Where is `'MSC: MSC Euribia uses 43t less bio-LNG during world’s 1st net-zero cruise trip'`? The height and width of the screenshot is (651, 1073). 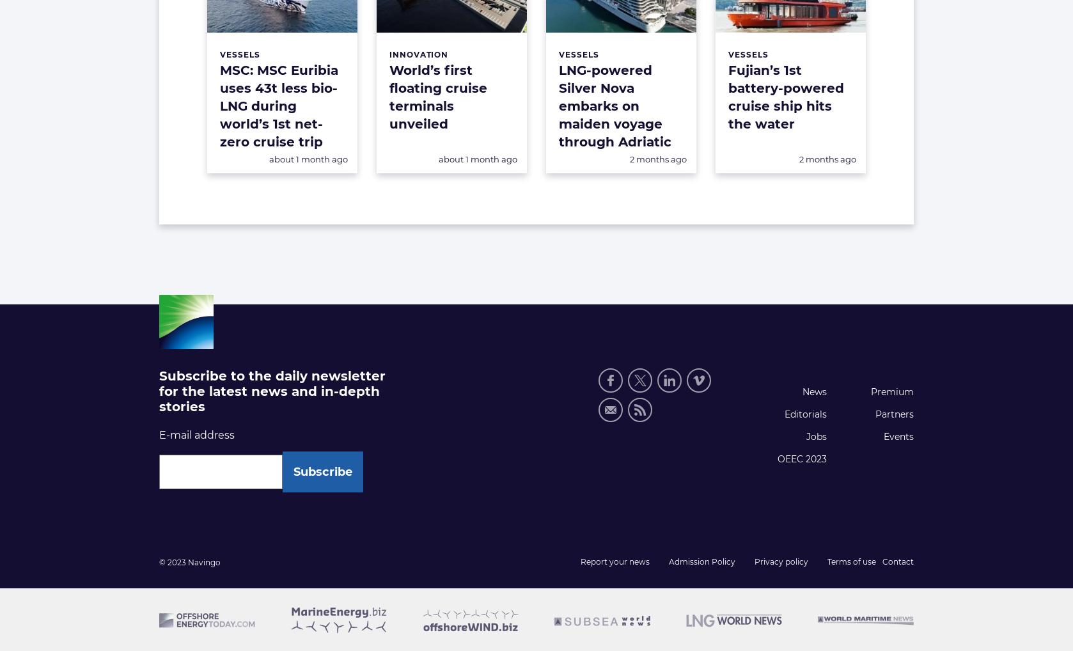 'MSC: MSC Euribia uses 43t less bio-LNG during world’s 1st net-zero cruise trip' is located at coordinates (219, 106).